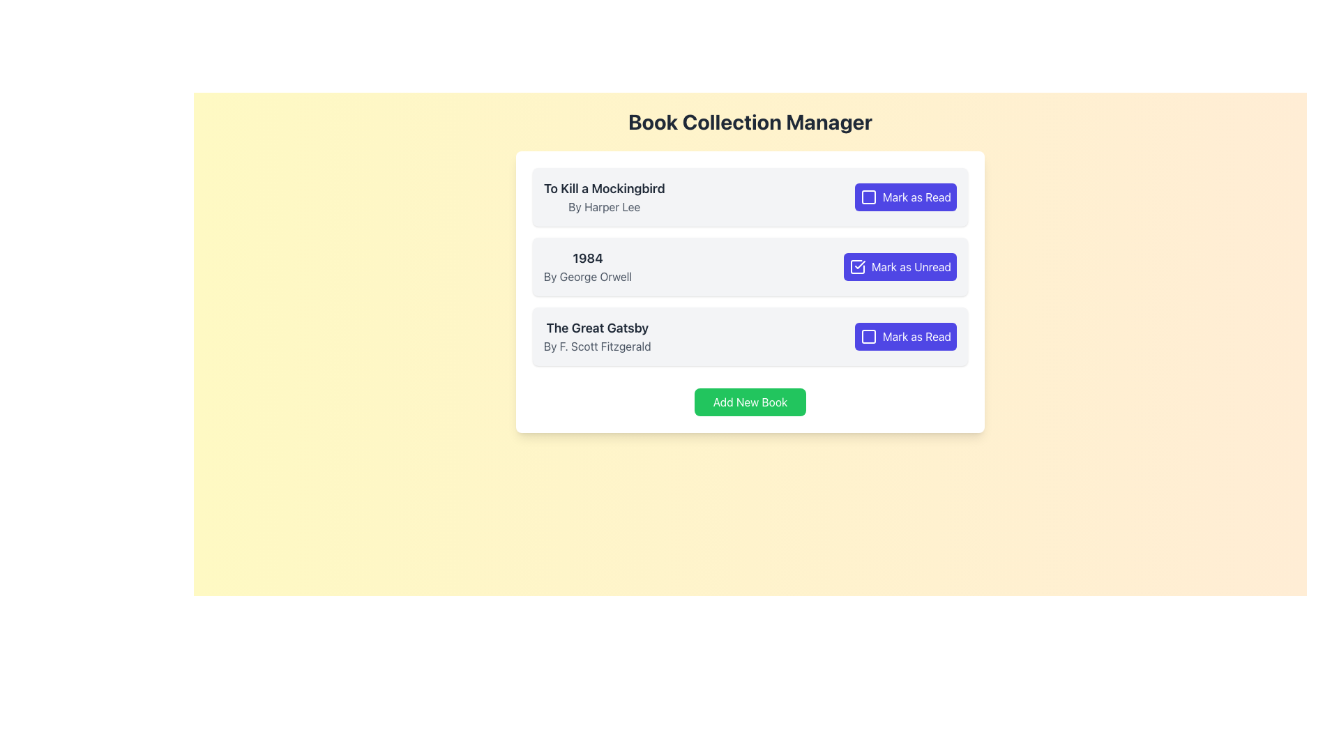 This screenshot has height=753, width=1339. I want to click on the checkmark icon styled as an SVG graphic, part of the 'Mark as Unread' button with a purple background in the book list card interface for the book '1984' by George Orwell, so click(859, 265).